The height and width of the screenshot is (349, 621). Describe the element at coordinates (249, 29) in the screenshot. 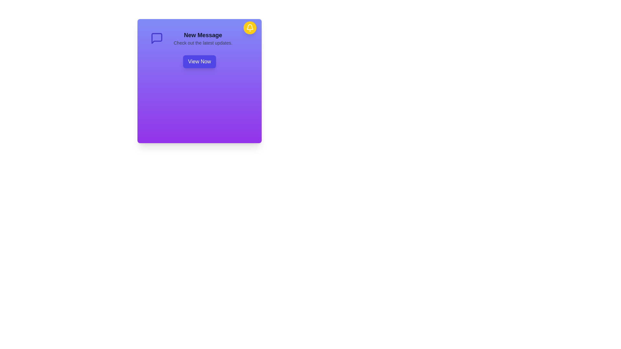

I see `the bell icon located in the top-right corner of the notification card` at that location.